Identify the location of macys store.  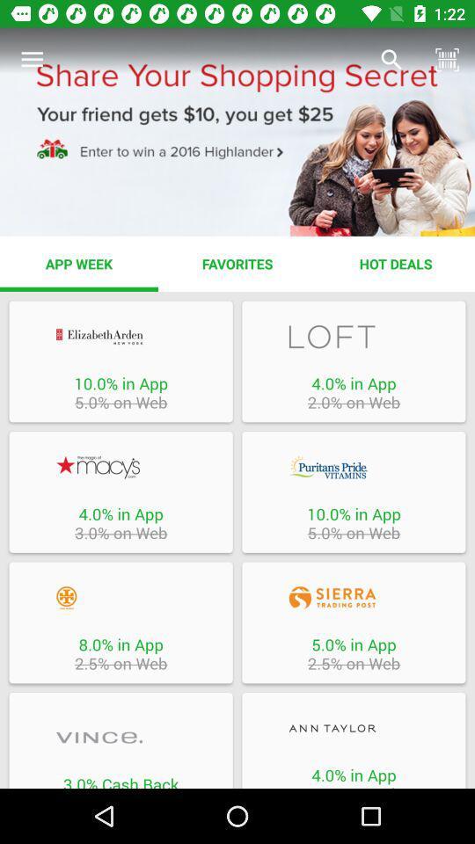
(120, 466).